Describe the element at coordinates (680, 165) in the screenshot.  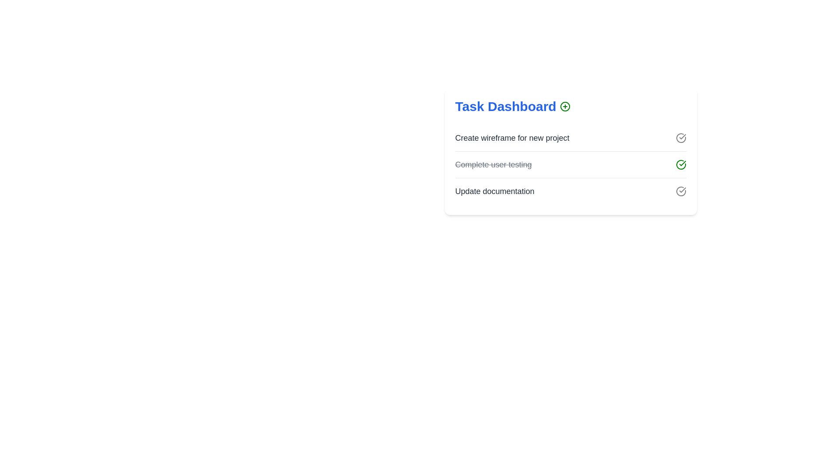
I see `checkmark icon next to the task labeled 'Complete user testing' to toggle its completion status` at that location.